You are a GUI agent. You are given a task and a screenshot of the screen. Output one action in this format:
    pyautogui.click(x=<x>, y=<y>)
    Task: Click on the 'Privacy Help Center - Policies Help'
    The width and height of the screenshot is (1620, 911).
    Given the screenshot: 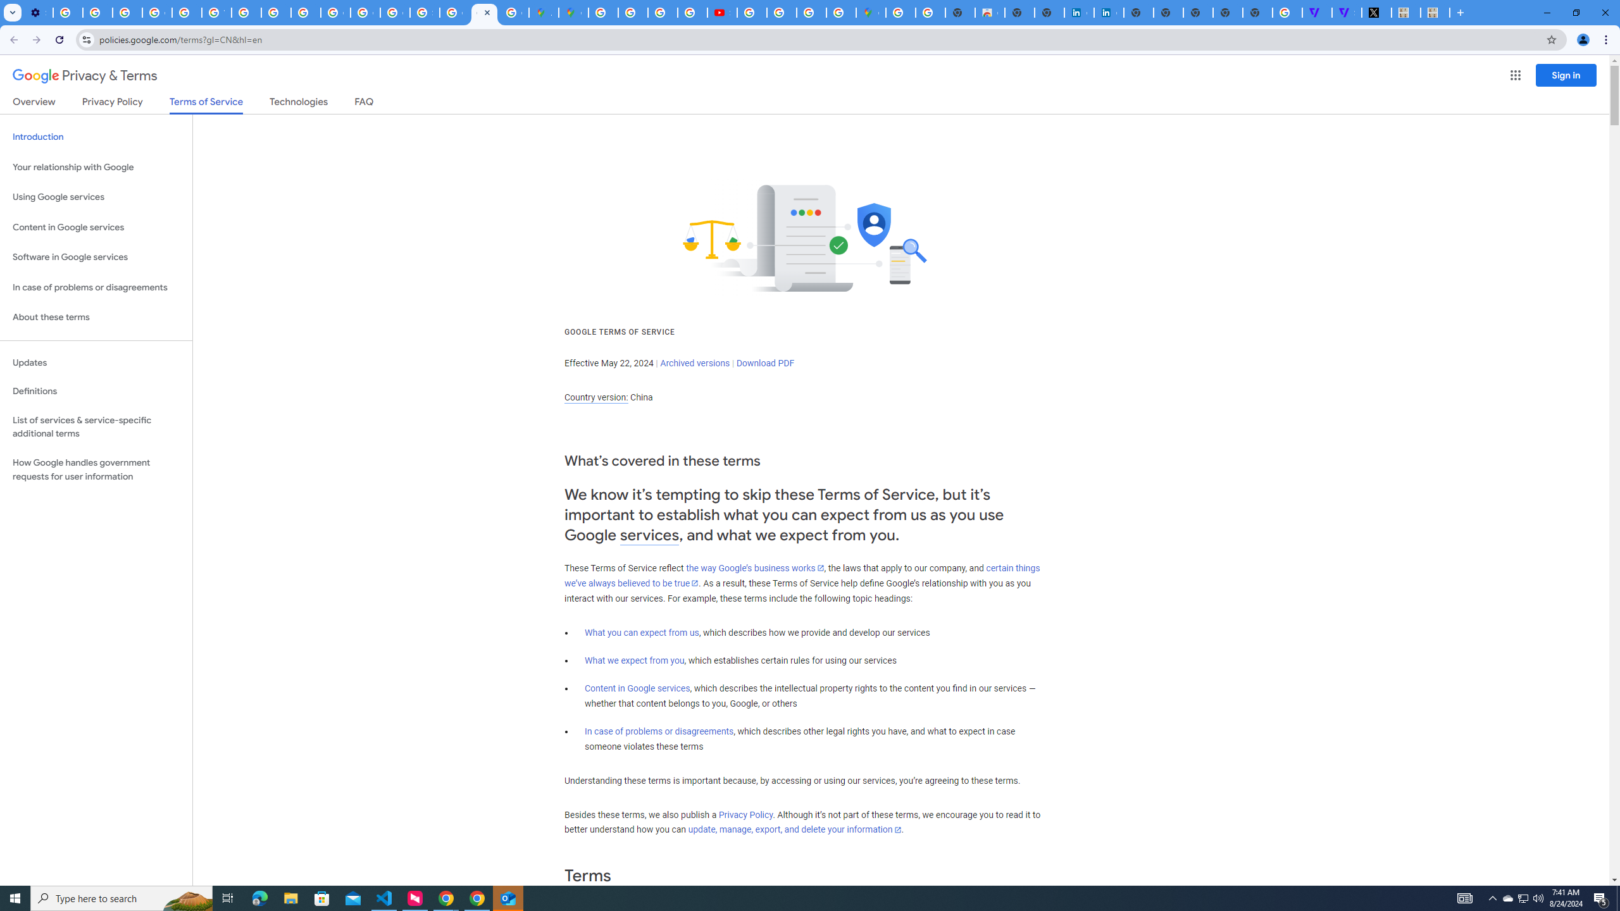 What is the action you would take?
    pyautogui.click(x=186, y=12)
    